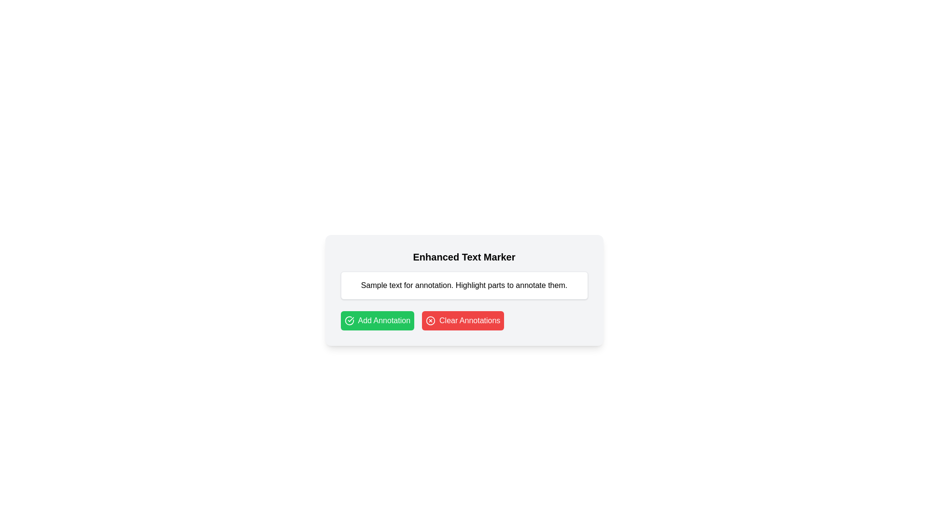 Image resolution: width=927 pixels, height=521 pixels. What do you see at coordinates (393, 285) in the screenshot?
I see `the lowercase letter 'e' in the text box containing 'Sample text for annotation.' This letter is the ninth character in the sentence, positioned after the word 'text.'` at bounding box center [393, 285].